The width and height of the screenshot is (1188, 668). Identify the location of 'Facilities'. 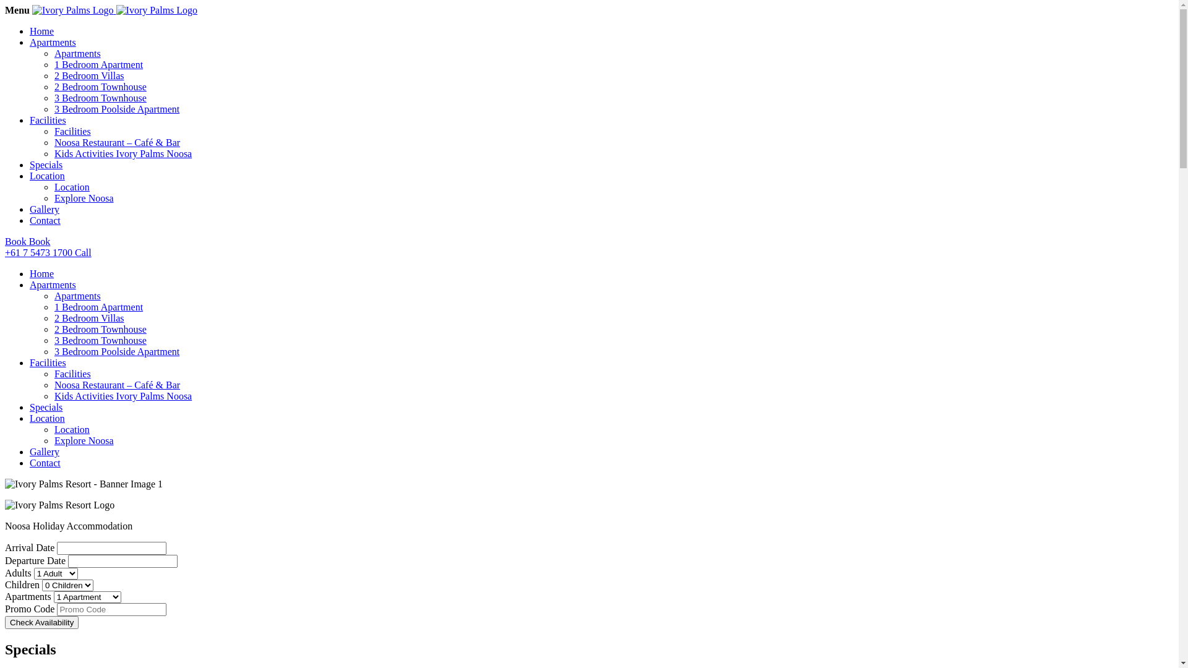
(30, 362).